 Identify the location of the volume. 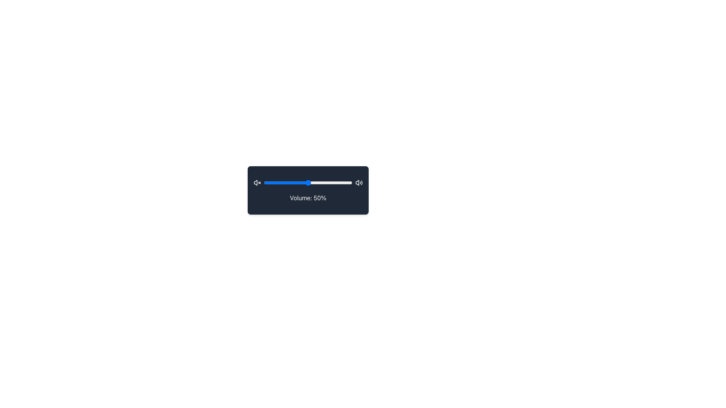
(344, 182).